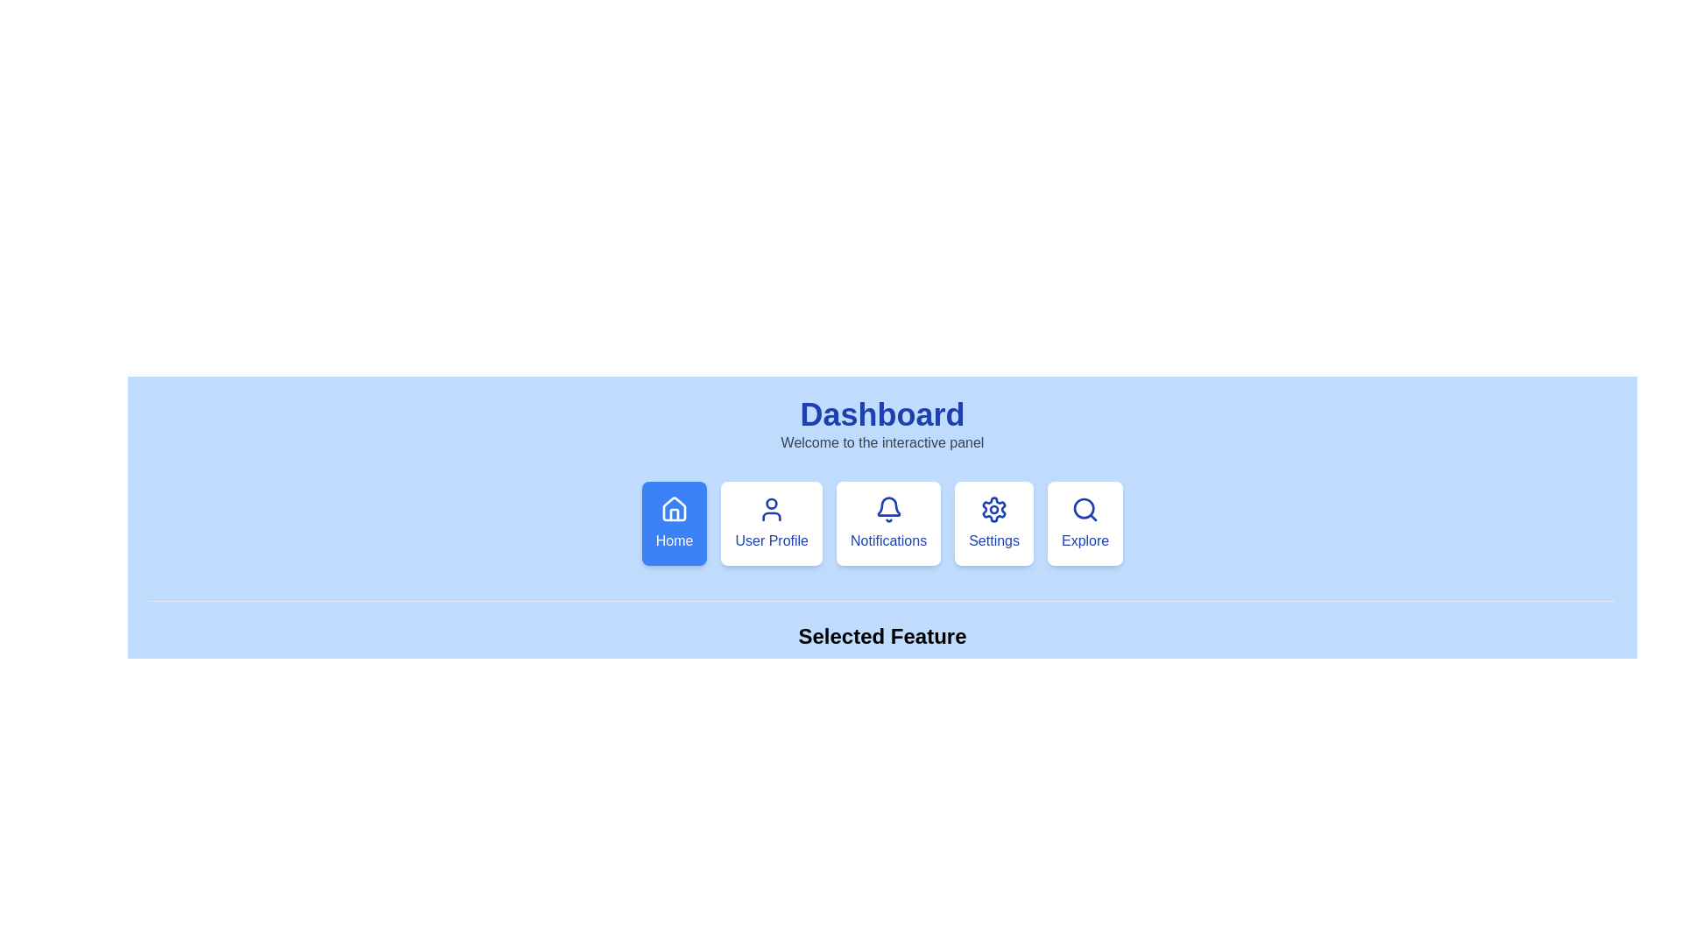 This screenshot has height=946, width=1682. I want to click on the small vertical rectangle resembling a door within the 'Home' icon of the dashboard, so click(674, 513).